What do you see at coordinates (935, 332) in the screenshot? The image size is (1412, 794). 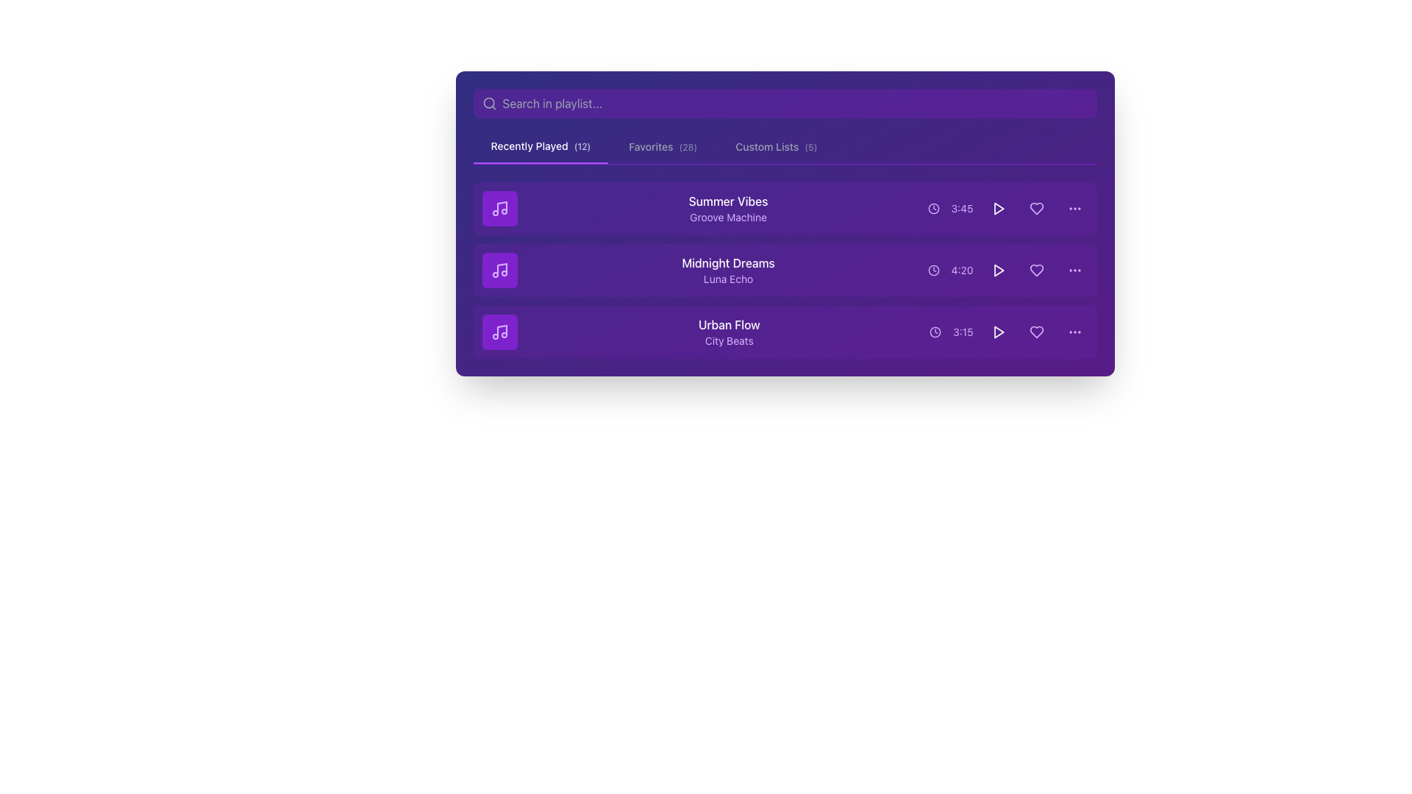 I see `the circular clock icon with a minimalist design, which is faint purple in color and located to the left of the text '3:15' in the 'Urban Flow' song entry row` at bounding box center [935, 332].